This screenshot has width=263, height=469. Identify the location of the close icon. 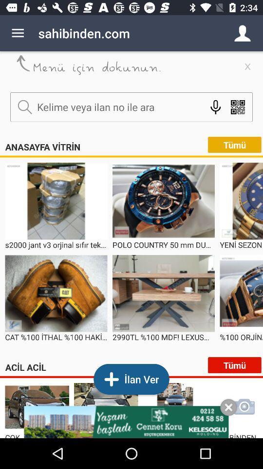
(228, 407).